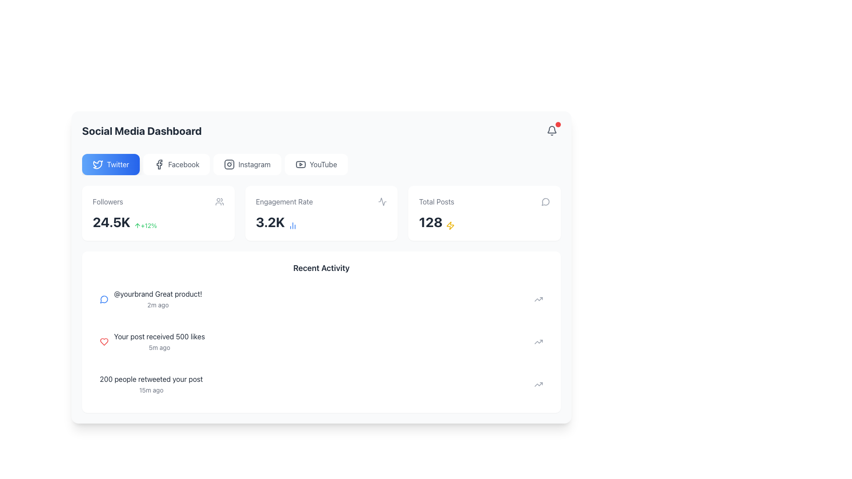 The width and height of the screenshot is (852, 479). I want to click on the comment or messaging icon located in the 'Recent Activity' section, so click(104, 299).